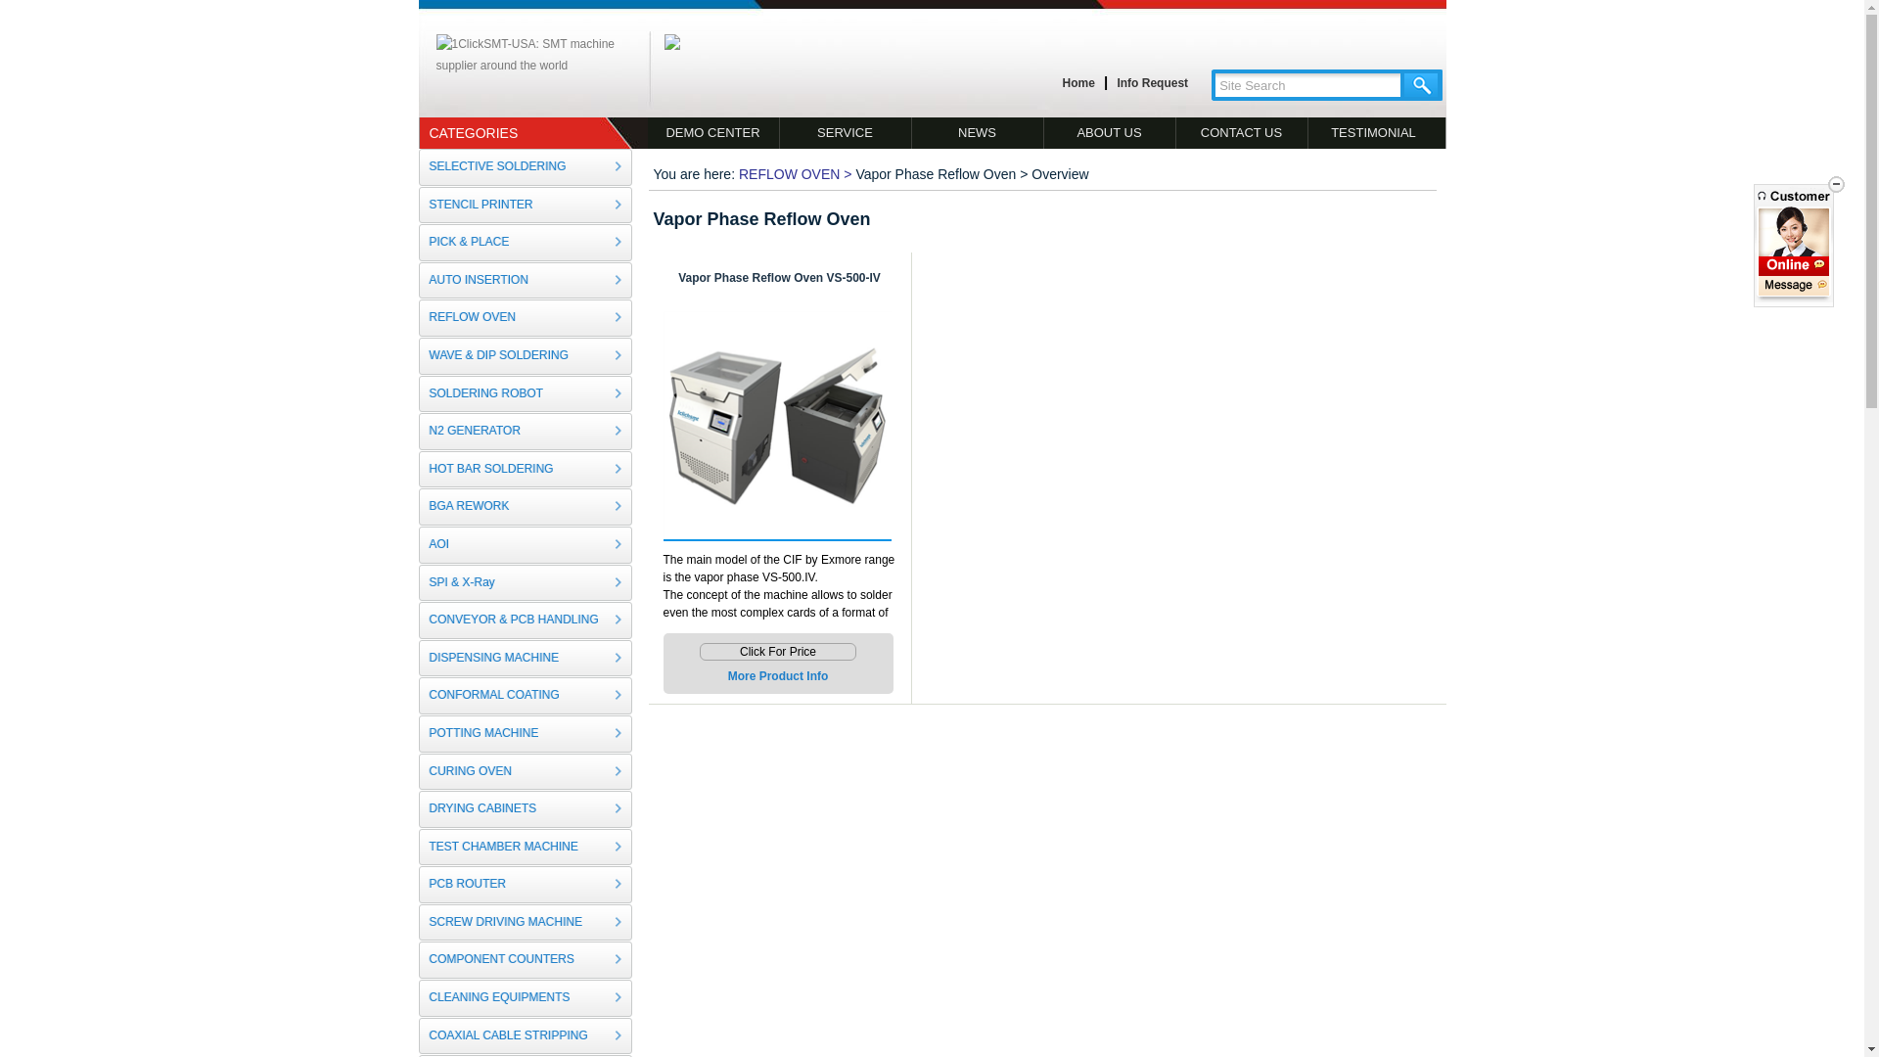 The width and height of the screenshot is (1879, 1057). What do you see at coordinates (700, 652) in the screenshot?
I see `'Click For Price'` at bounding box center [700, 652].